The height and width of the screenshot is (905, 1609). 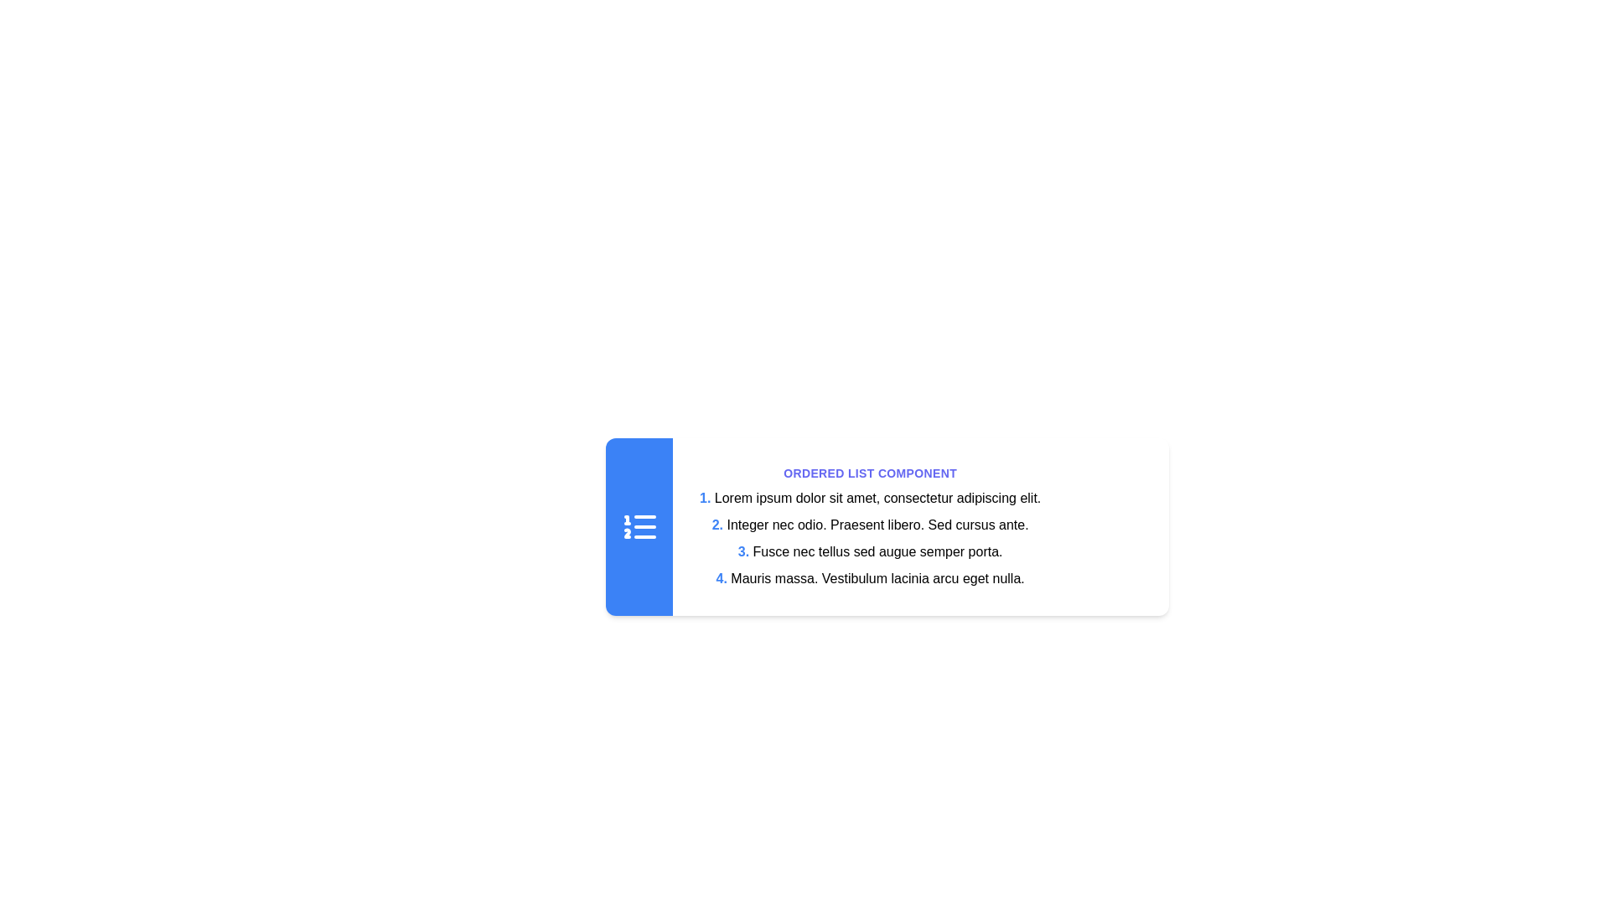 What do you see at coordinates (870, 539) in the screenshot?
I see `the third item of the ordered list, which reads 'Fusce nec tellus sed augue semper porta.'` at bounding box center [870, 539].